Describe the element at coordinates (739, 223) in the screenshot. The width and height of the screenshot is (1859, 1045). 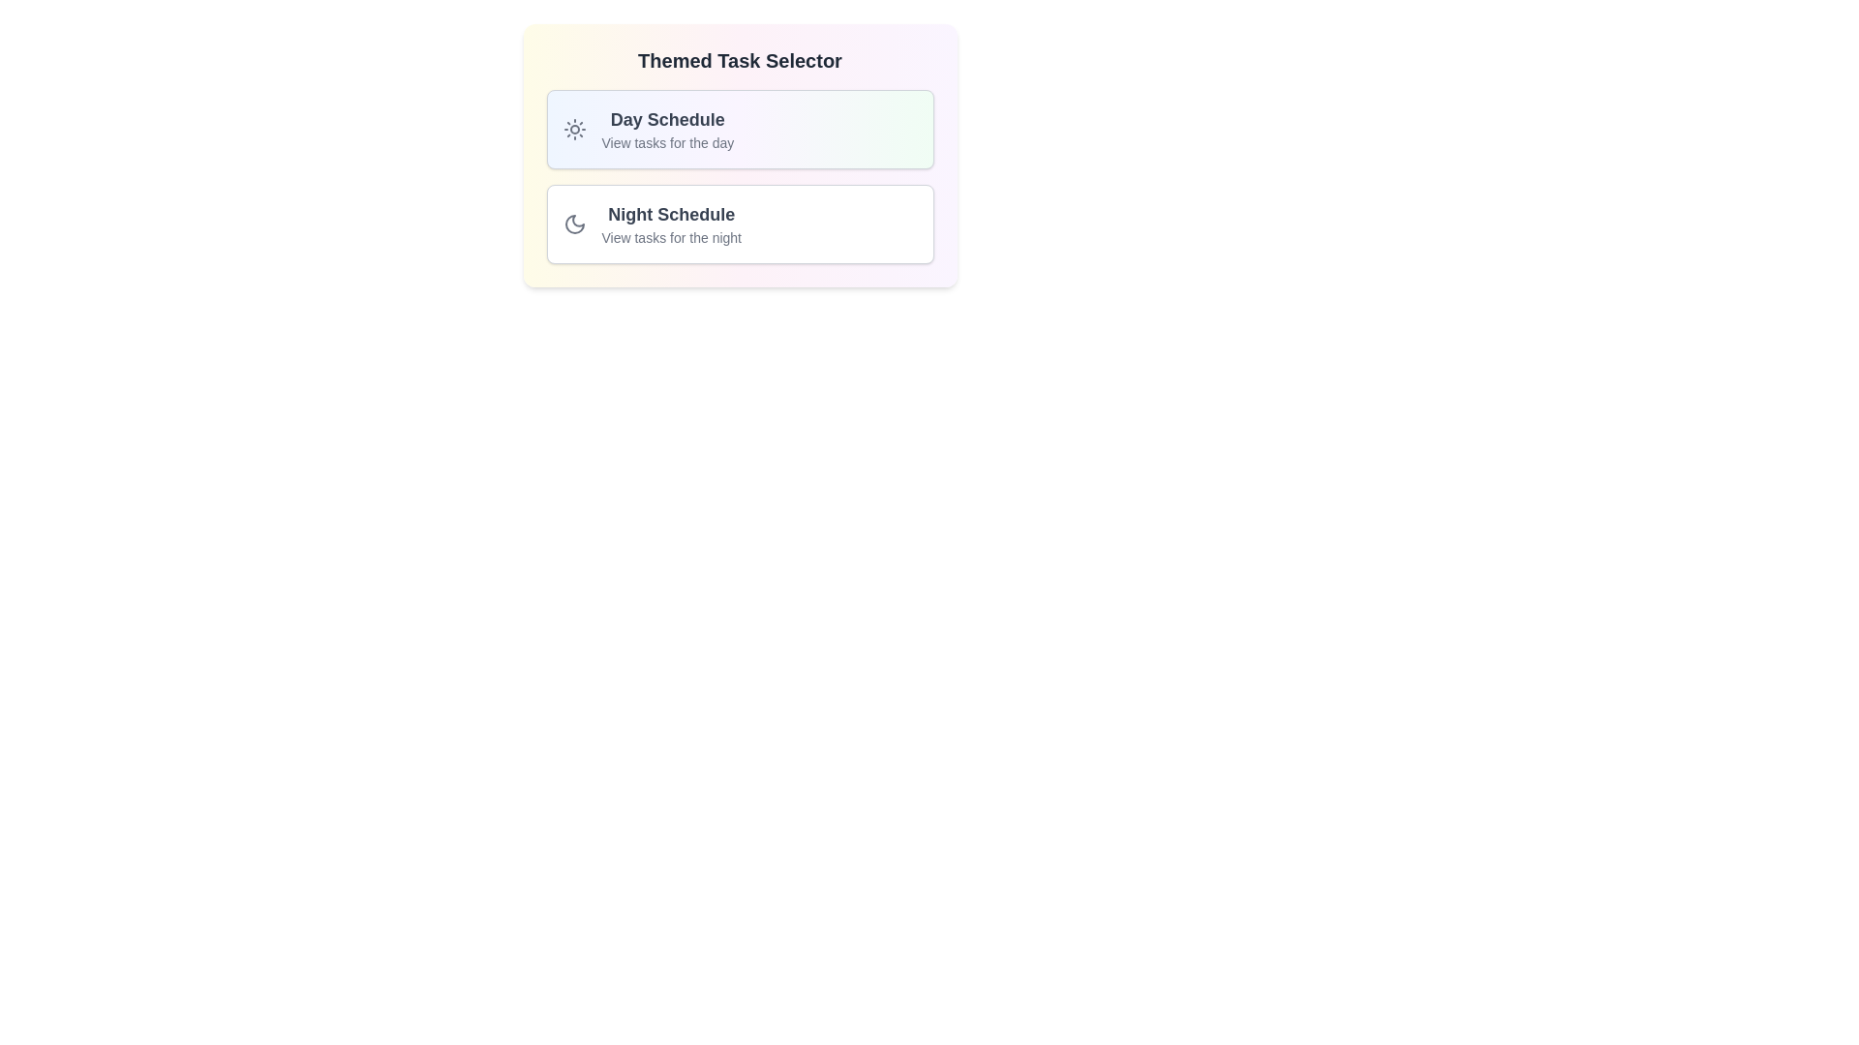
I see `the schedule by clicking on the corresponding option: Night Schedule` at that location.